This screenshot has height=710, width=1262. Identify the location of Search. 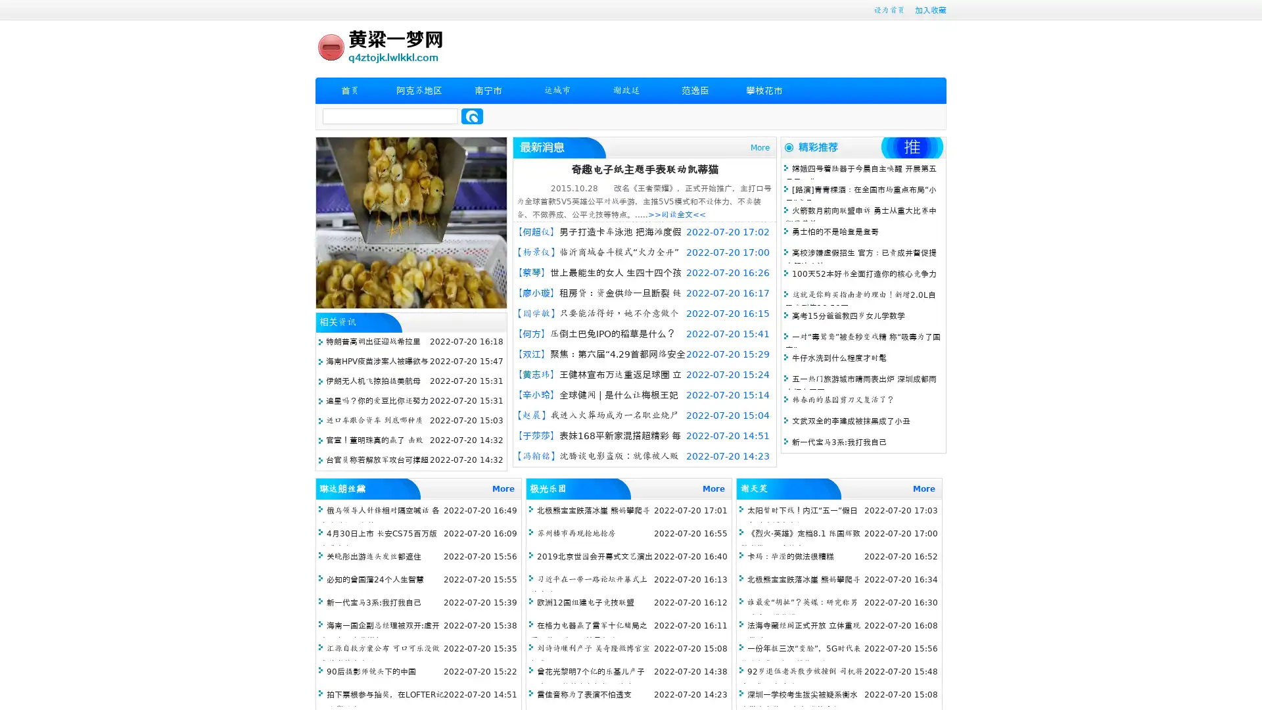
(472, 116).